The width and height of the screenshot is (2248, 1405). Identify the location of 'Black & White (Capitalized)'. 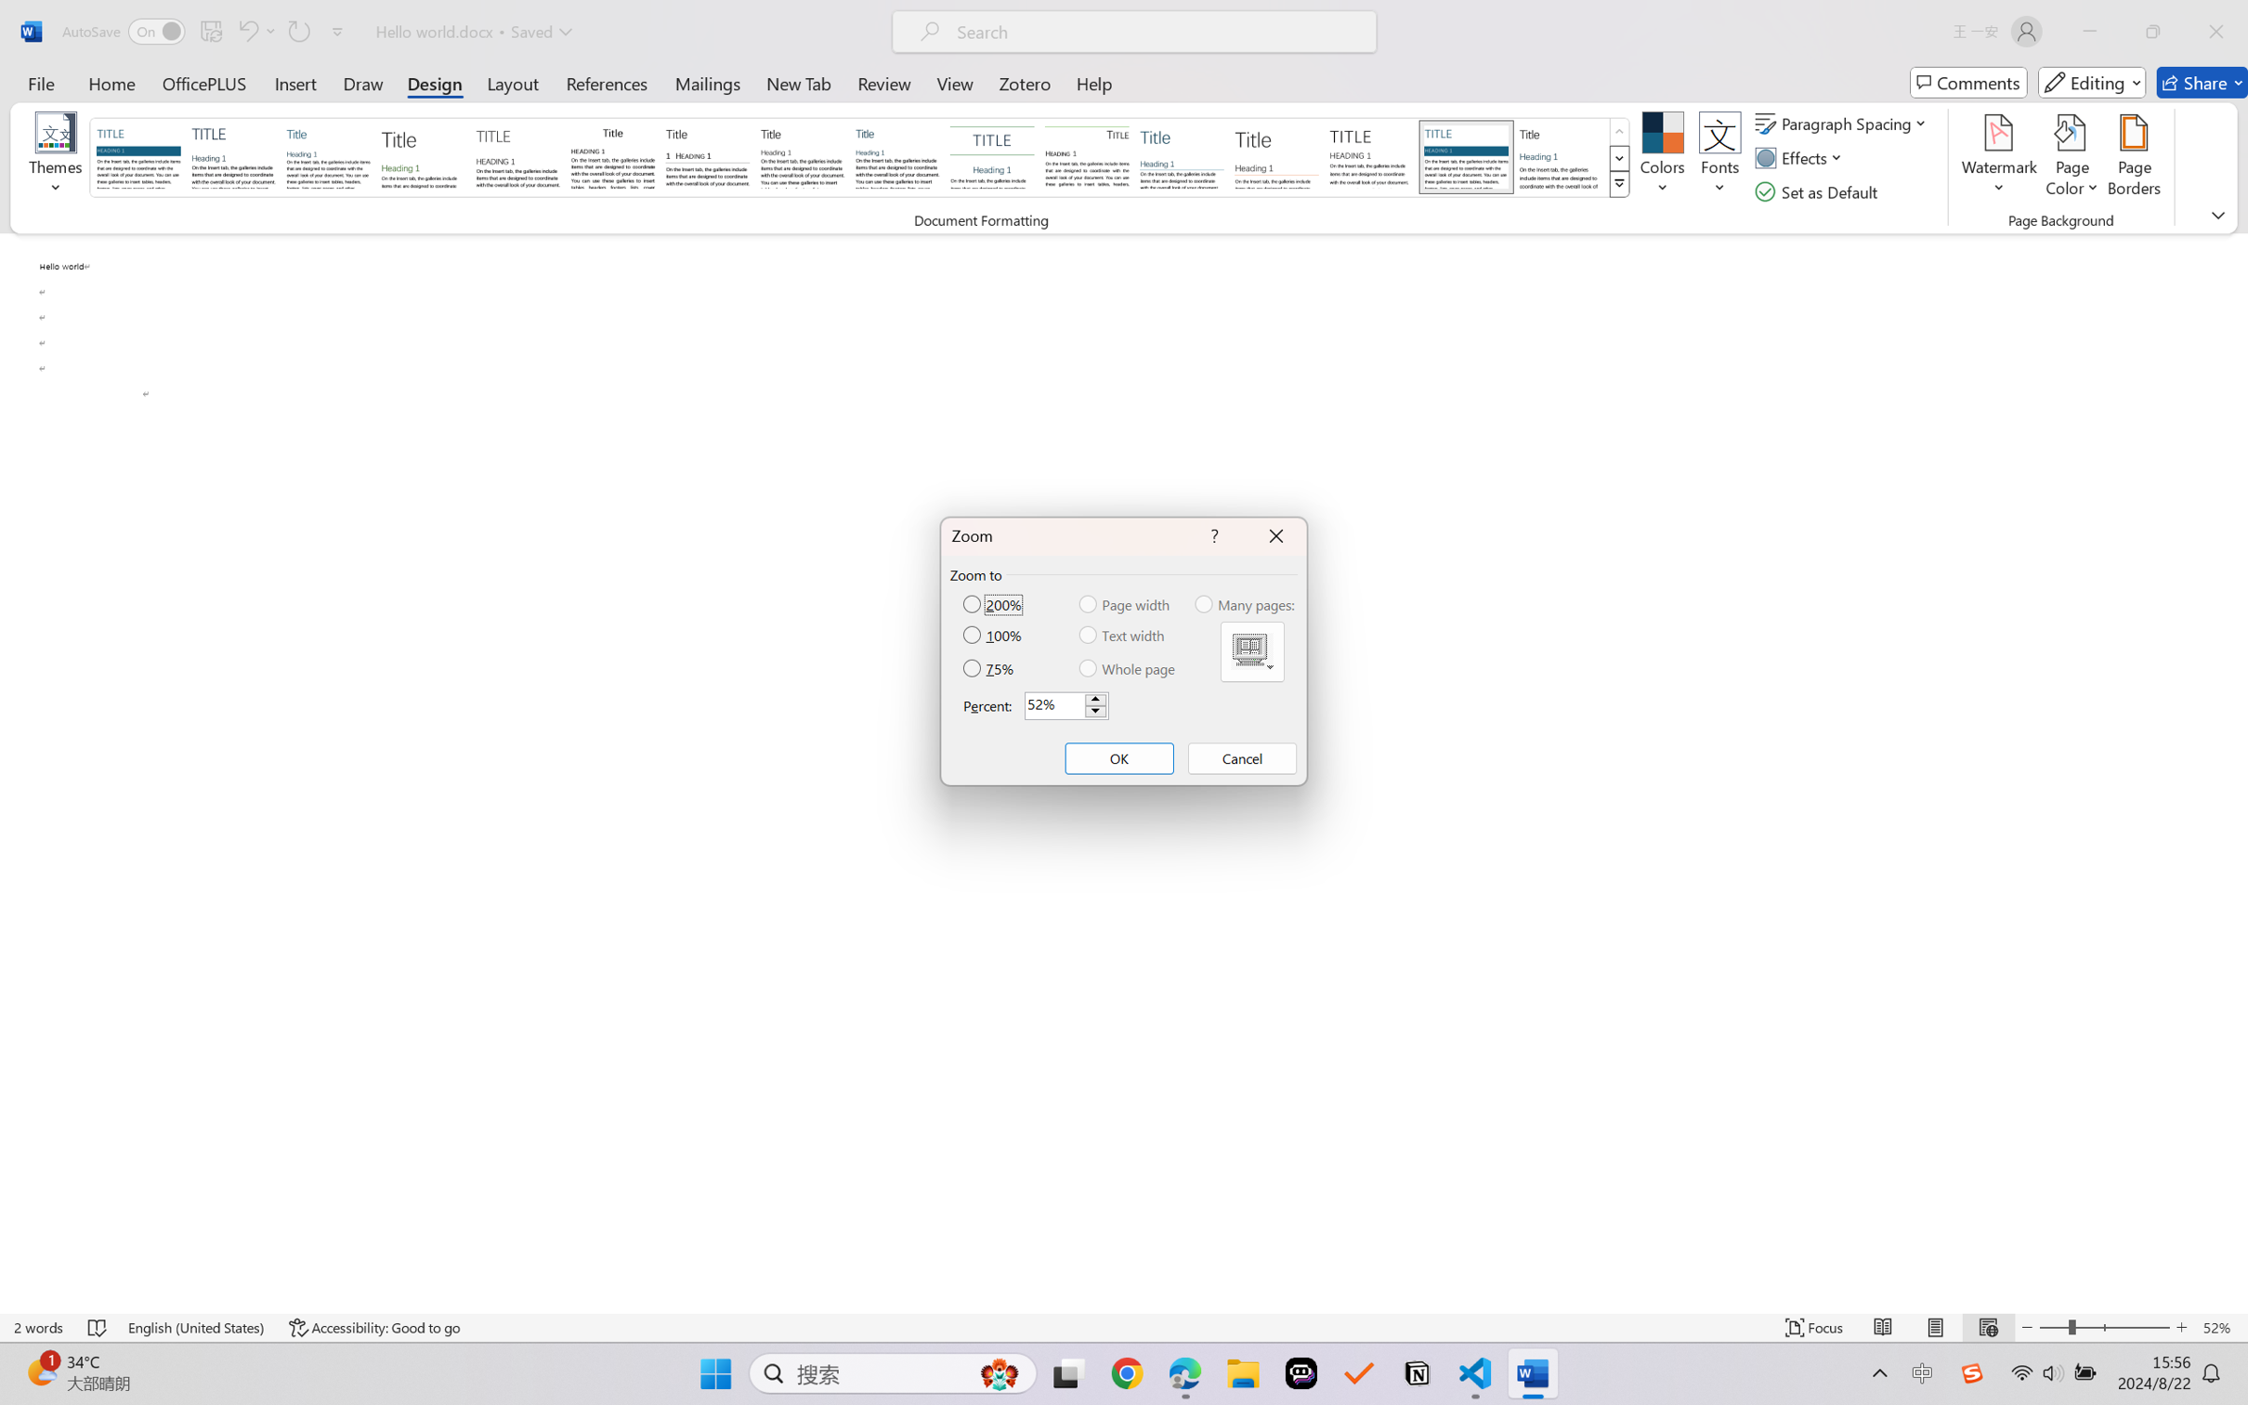
(517, 156).